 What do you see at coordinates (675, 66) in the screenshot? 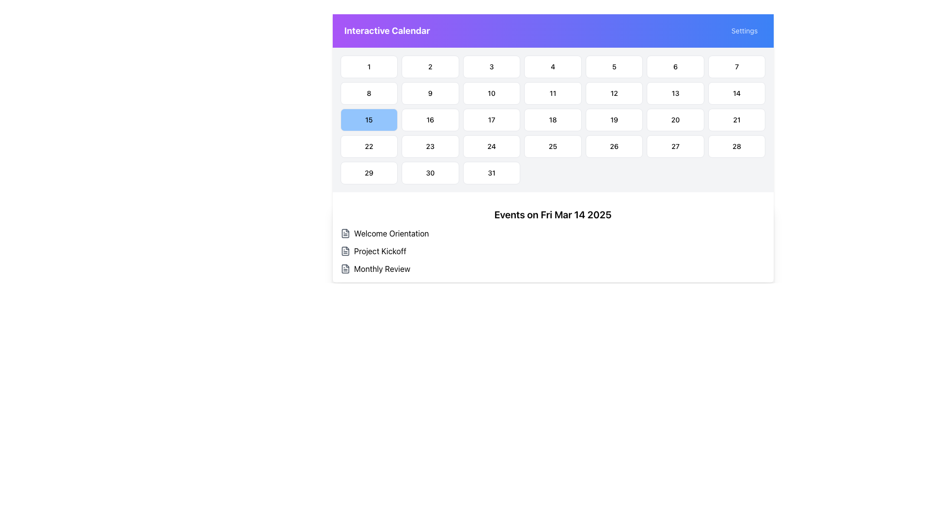
I see `numeral '6' displayed in bold inside the bordered rectangular panel in the top row of the calendar-like grid structure` at bounding box center [675, 66].